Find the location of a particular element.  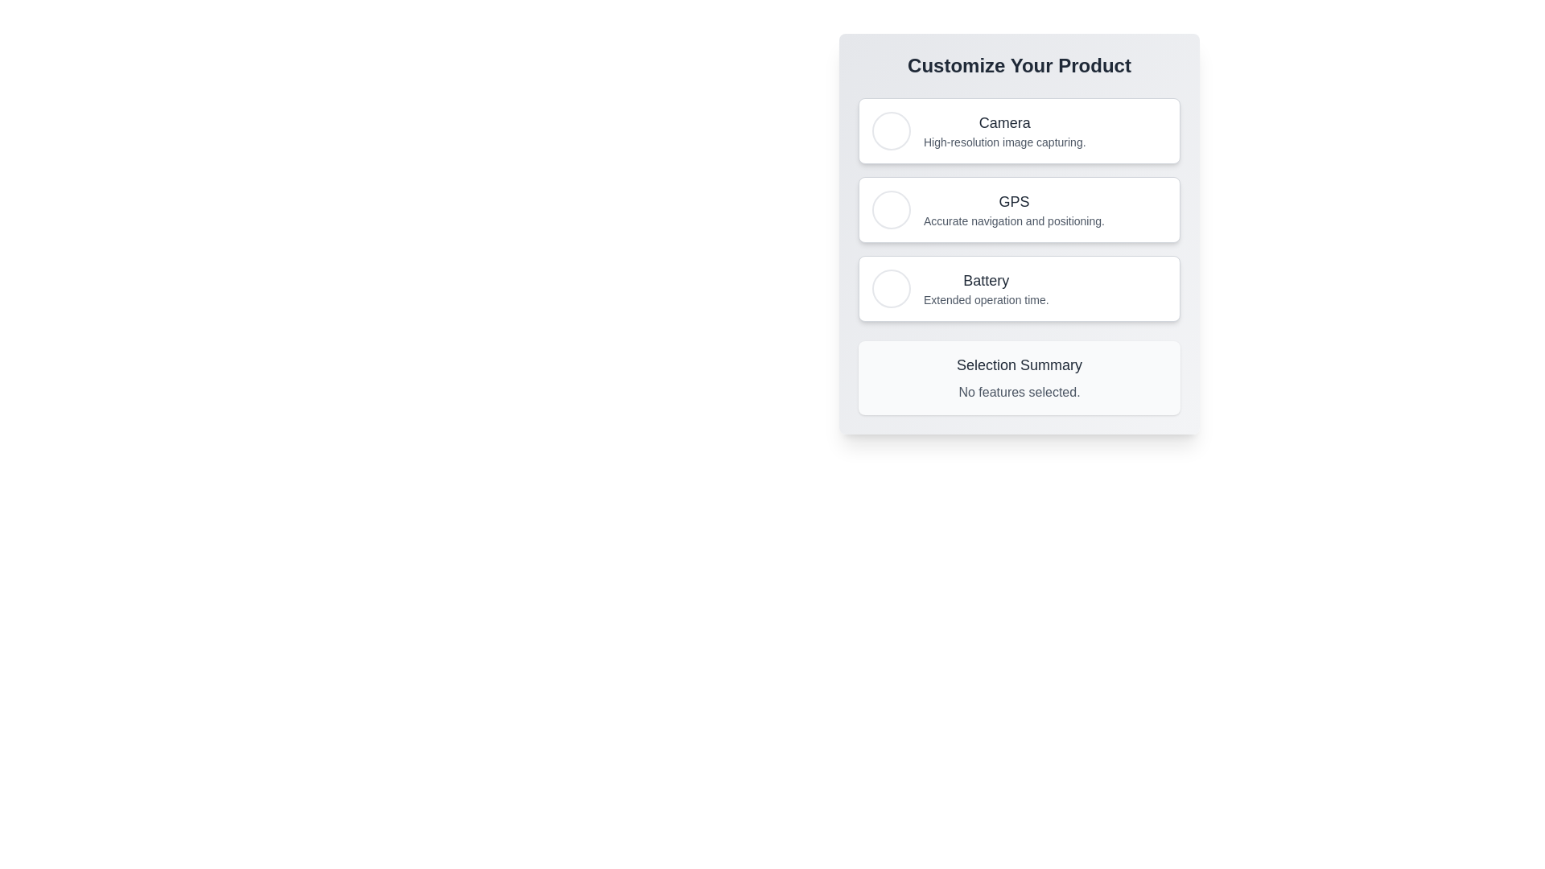

the text block that displays 'Battery' in bold and 'Extended operation time.' in a smaller font by bringing it into view if necessary is located at coordinates (985, 287).